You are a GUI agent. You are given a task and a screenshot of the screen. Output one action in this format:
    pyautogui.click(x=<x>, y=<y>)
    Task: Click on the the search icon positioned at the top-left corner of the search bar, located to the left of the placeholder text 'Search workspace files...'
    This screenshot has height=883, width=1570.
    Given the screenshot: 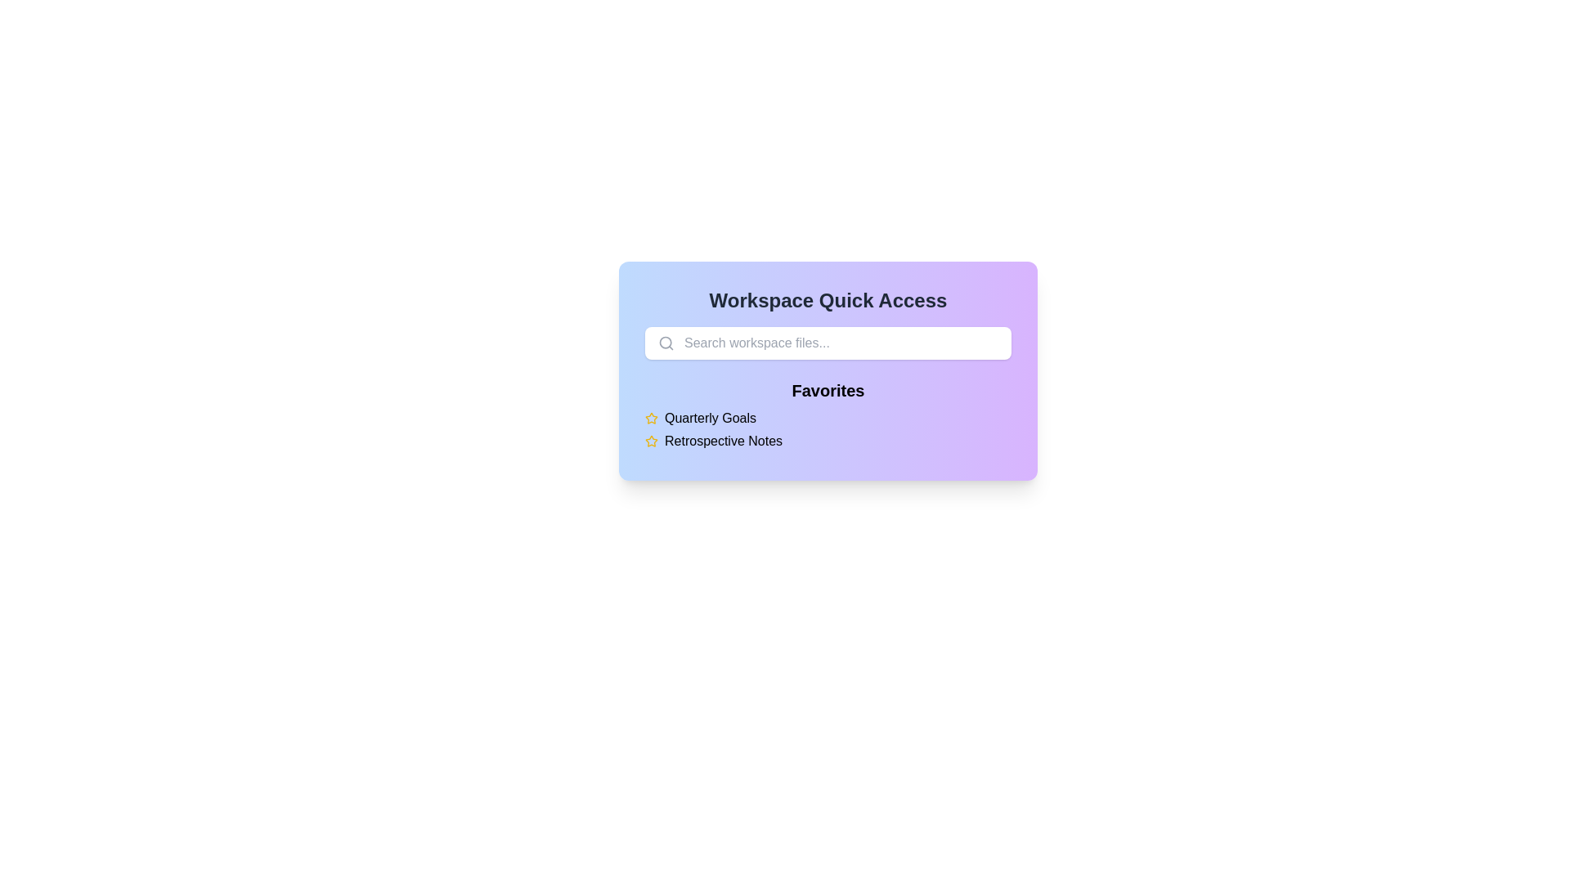 What is the action you would take?
    pyautogui.click(x=666, y=343)
    